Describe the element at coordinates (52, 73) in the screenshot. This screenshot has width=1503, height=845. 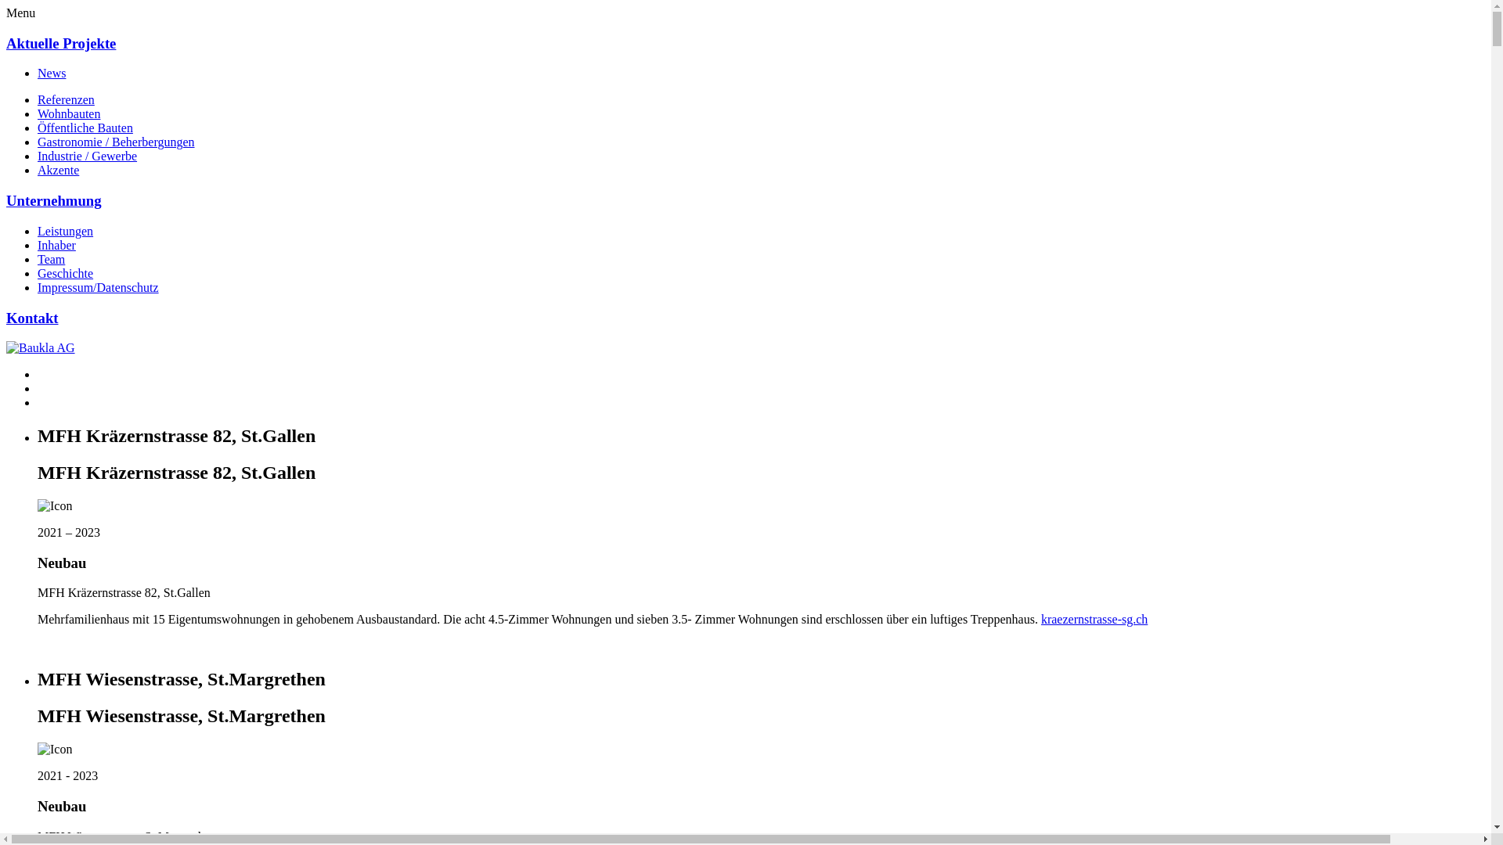
I see `'News'` at that location.